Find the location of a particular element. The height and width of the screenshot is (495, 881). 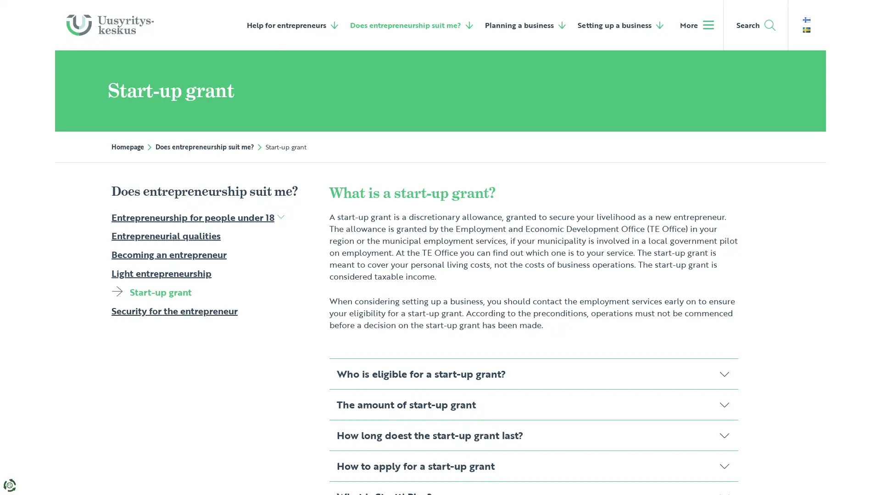

Open or close menu is located at coordinates (280, 216).